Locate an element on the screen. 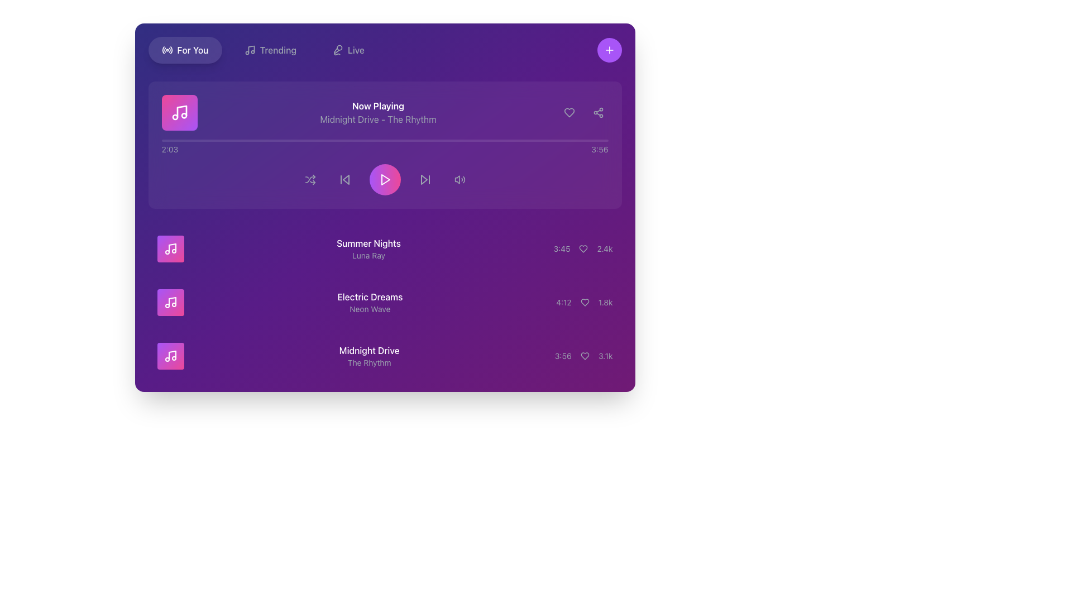 The image size is (1072, 603). the text element displaying '1.8k' in gray color, located in the lower-right corner of the song entry for 'Electric Dreams' by 'Neon Wave' is located at coordinates (605, 303).